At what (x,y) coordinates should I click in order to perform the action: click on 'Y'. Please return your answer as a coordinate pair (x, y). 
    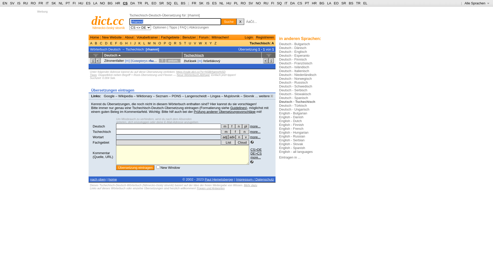
    Looking at the image, I should click on (208, 43).